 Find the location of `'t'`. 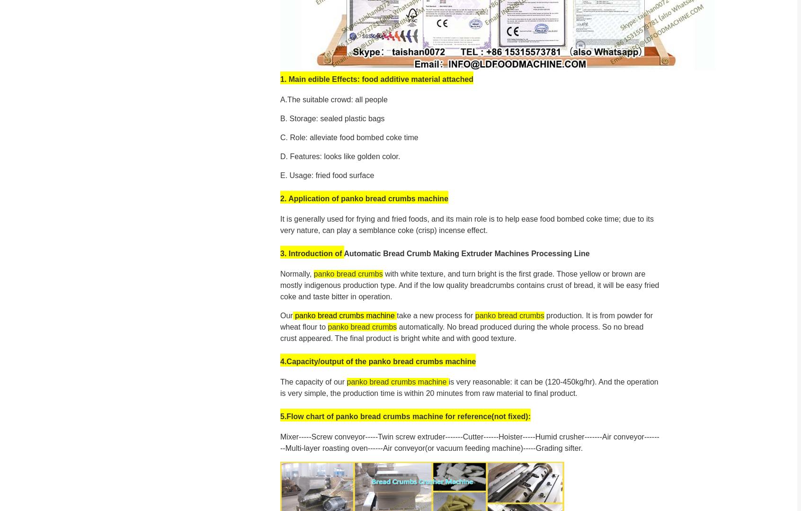

't' is located at coordinates (398, 315).